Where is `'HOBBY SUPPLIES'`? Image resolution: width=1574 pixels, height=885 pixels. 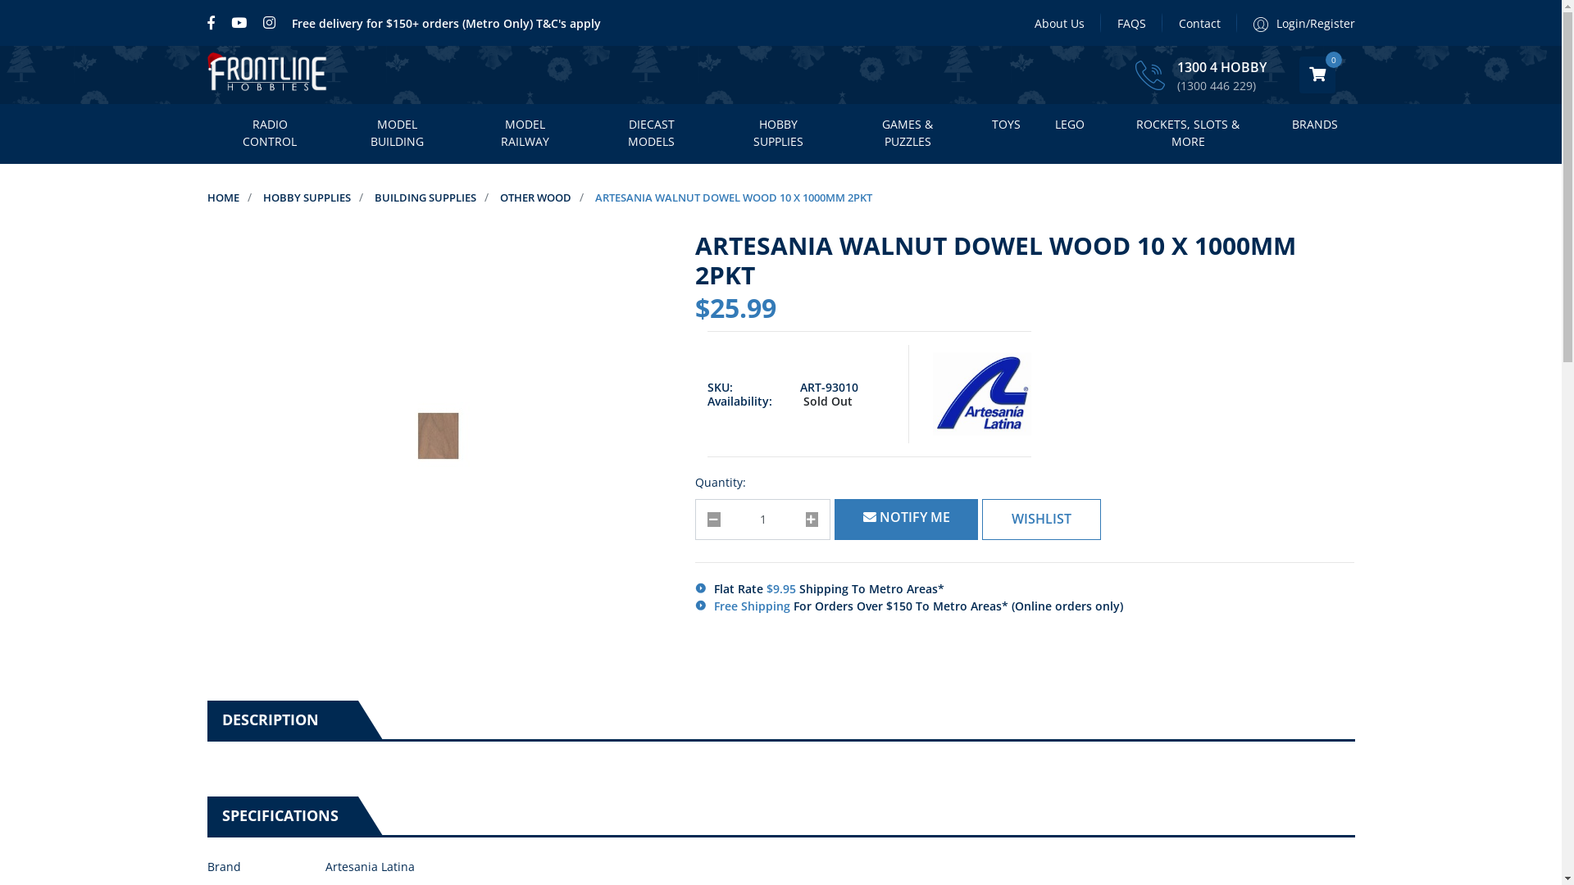
'HOBBY SUPPLIES' is located at coordinates (777, 133).